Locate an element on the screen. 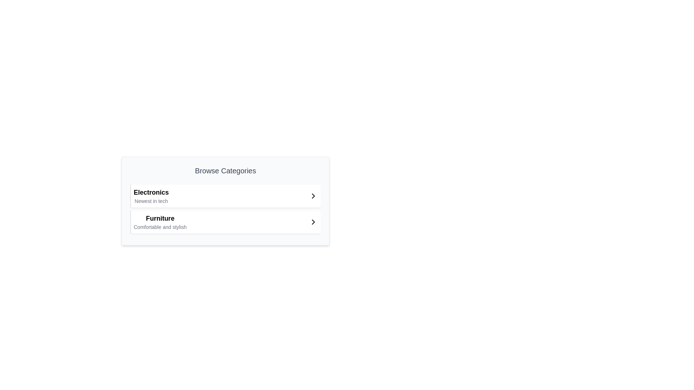 The image size is (694, 390). the navigation button located at the far right of the 'Furniture Comfortable and stylish' section is located at coordinates (313, 221).